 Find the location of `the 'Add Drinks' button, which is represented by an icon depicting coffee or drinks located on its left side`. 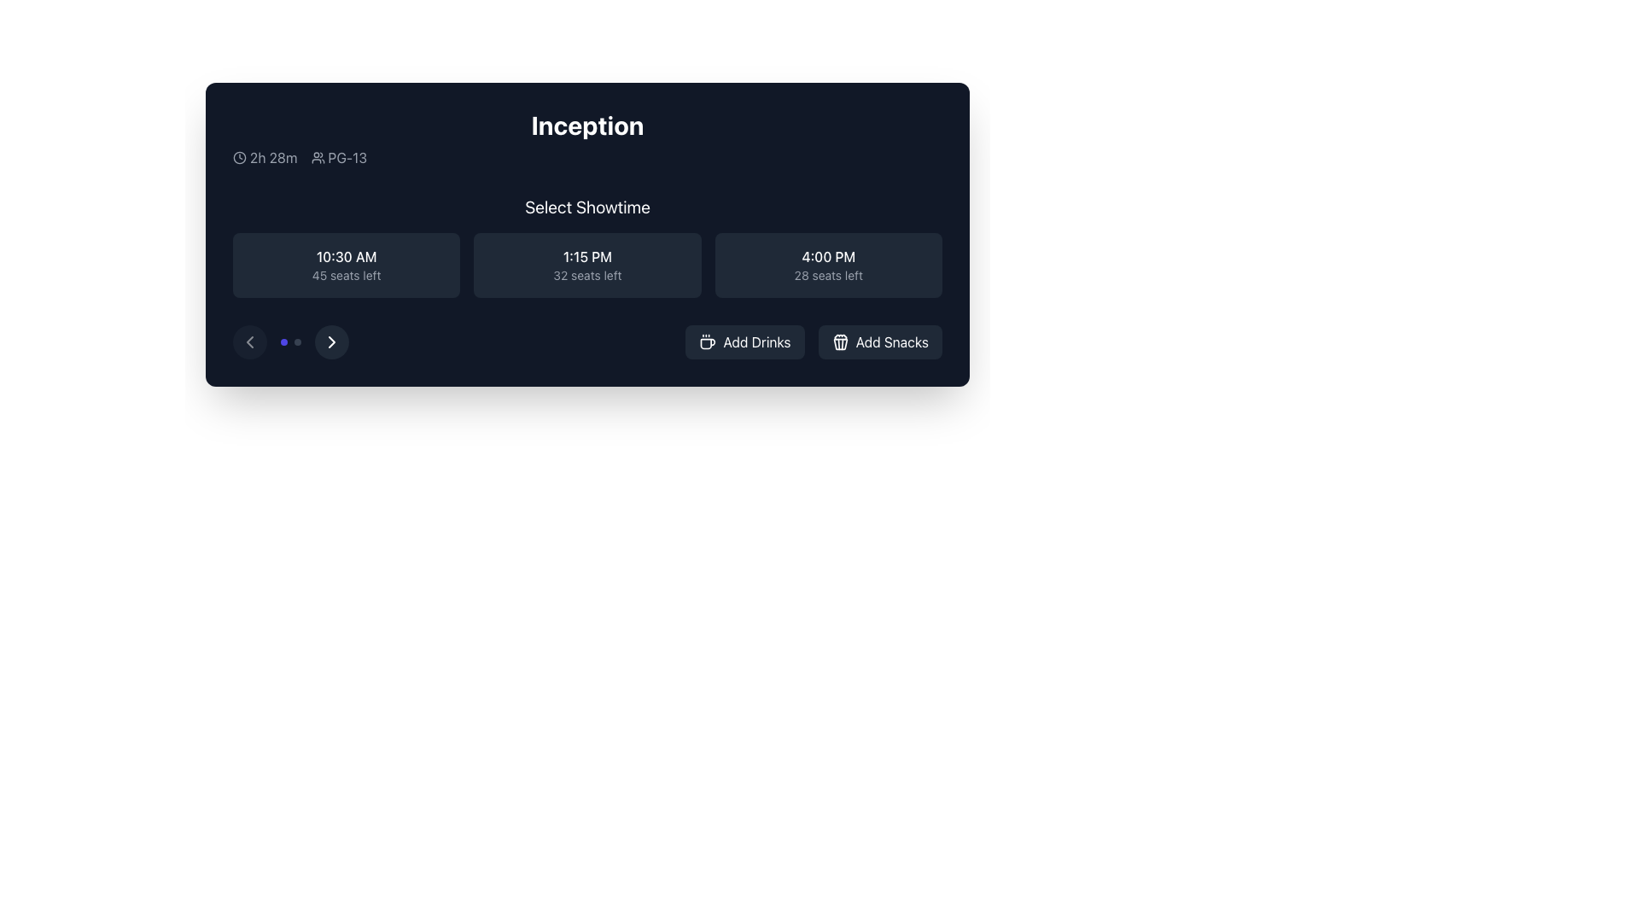

the 'Add Drinks' button, which is represented by an icon depicting coffee or drinks located on its left side is located at coordinates (708, 342).